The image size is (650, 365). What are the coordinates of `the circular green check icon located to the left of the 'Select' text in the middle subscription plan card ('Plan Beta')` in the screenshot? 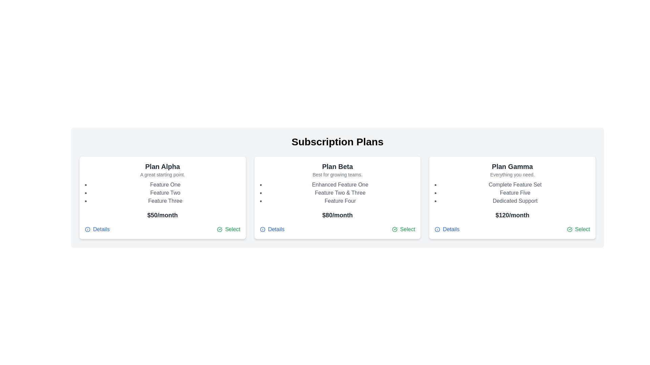 It's located at (394, 229).